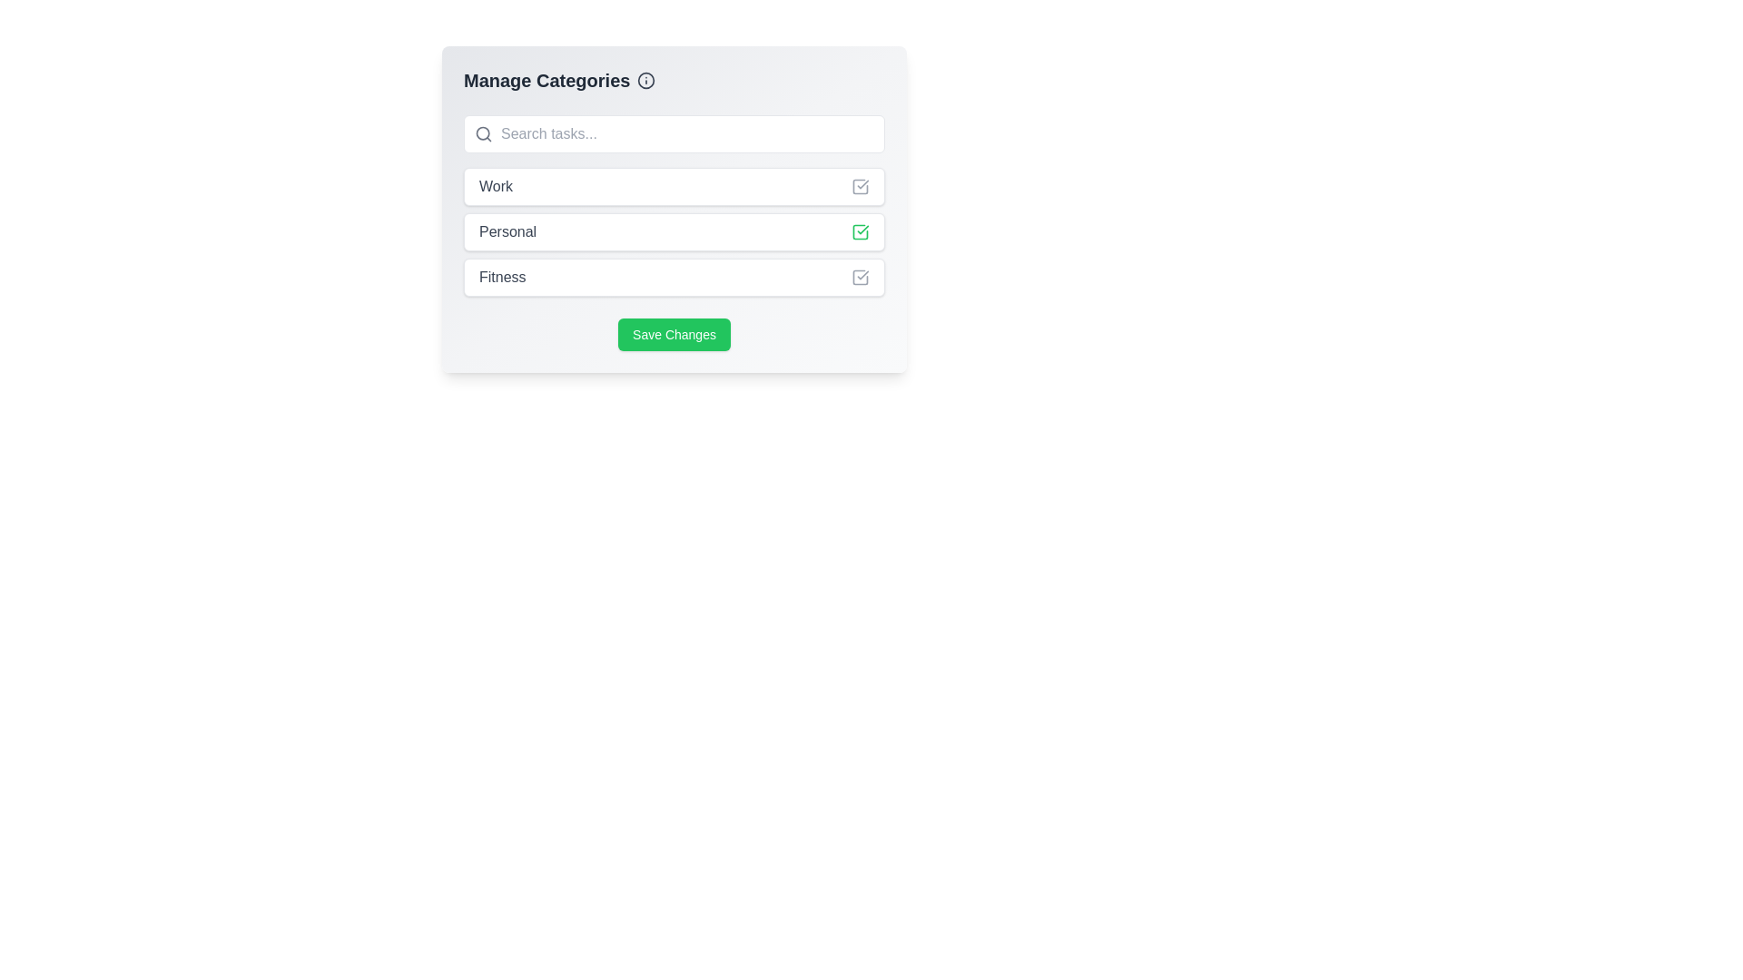  I want to click on the selectable item labeled 'Personal', so click(674, 230).